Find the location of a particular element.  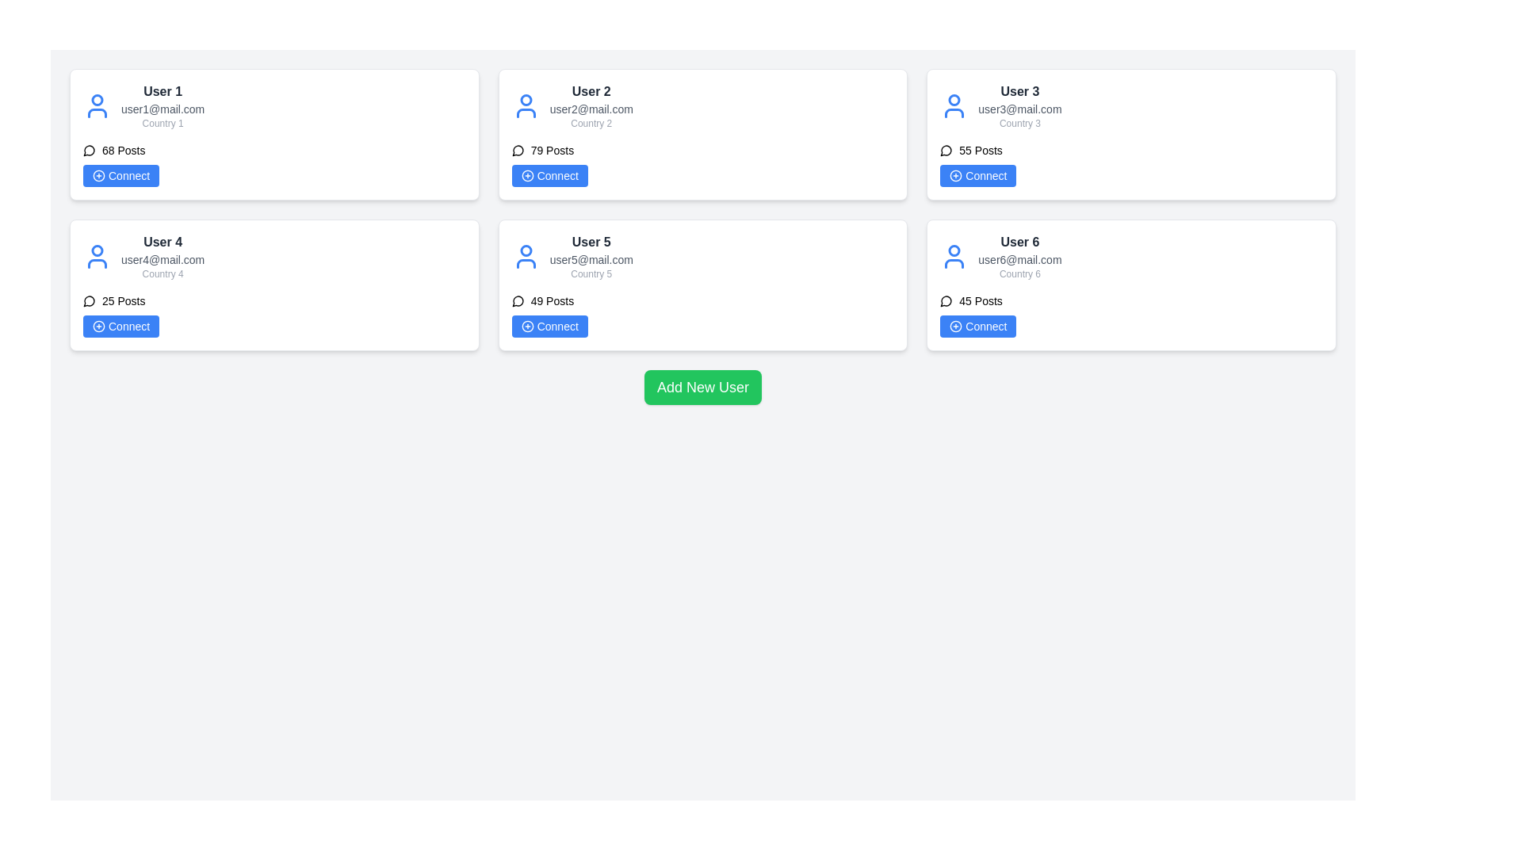

the static text label displaying the geographical location or country associated with the user profile, located in the lower right corner of the 'User 6' profile card, below the email label and above the post count and connect button is located at coordinates (1019, 273).